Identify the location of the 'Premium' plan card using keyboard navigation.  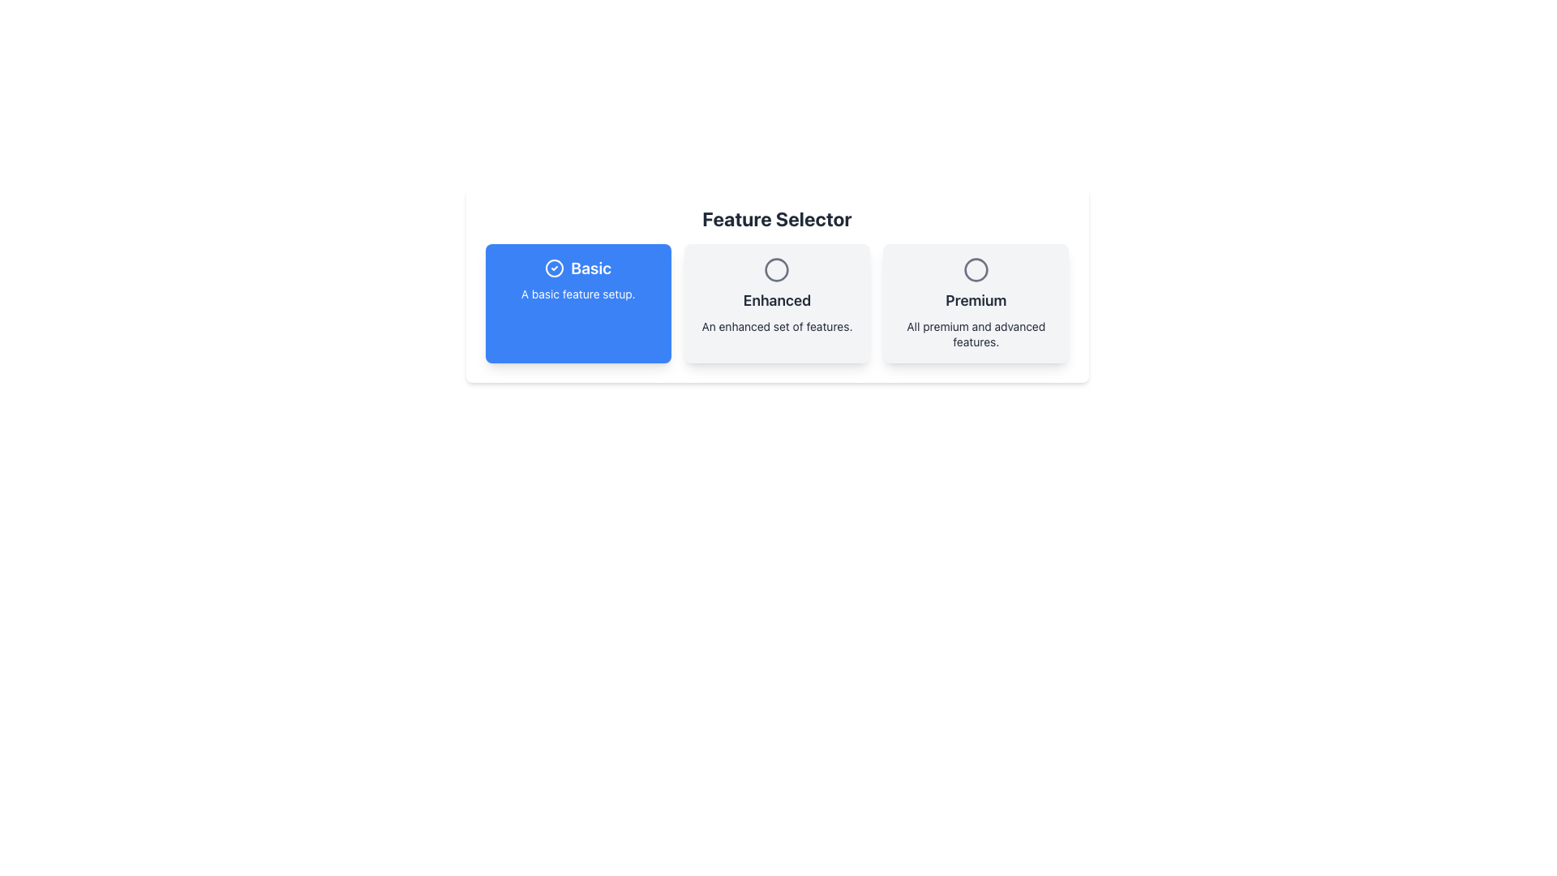
(975, 303).